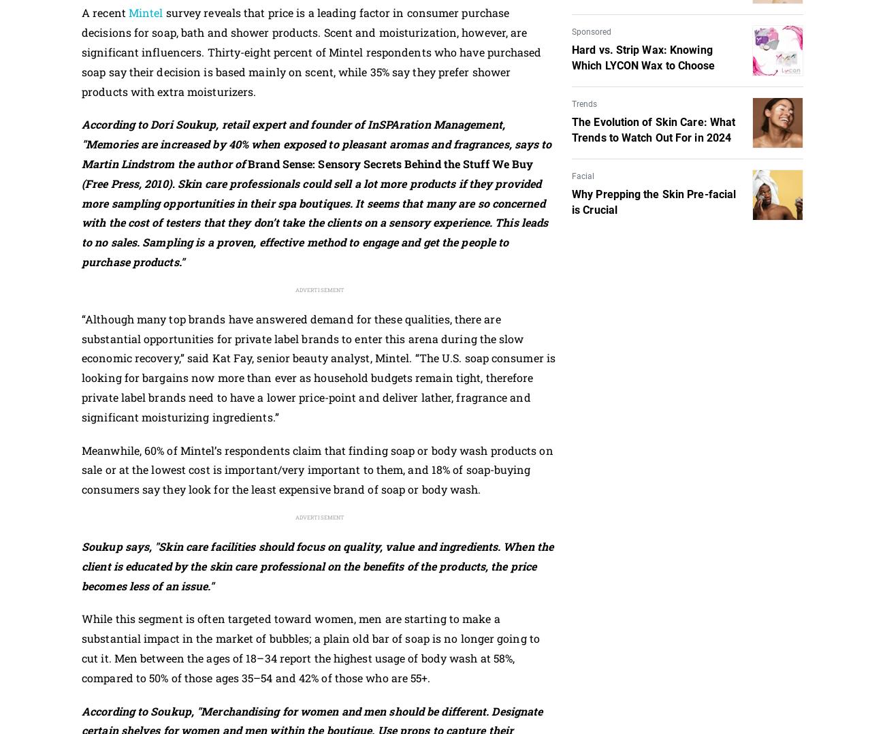  Describe the element at coordinates (572, 57) in the screenshot. I see `'Hard vs. Strip Wax: Knowing Which LYCON Wax to Choose'` at that location.